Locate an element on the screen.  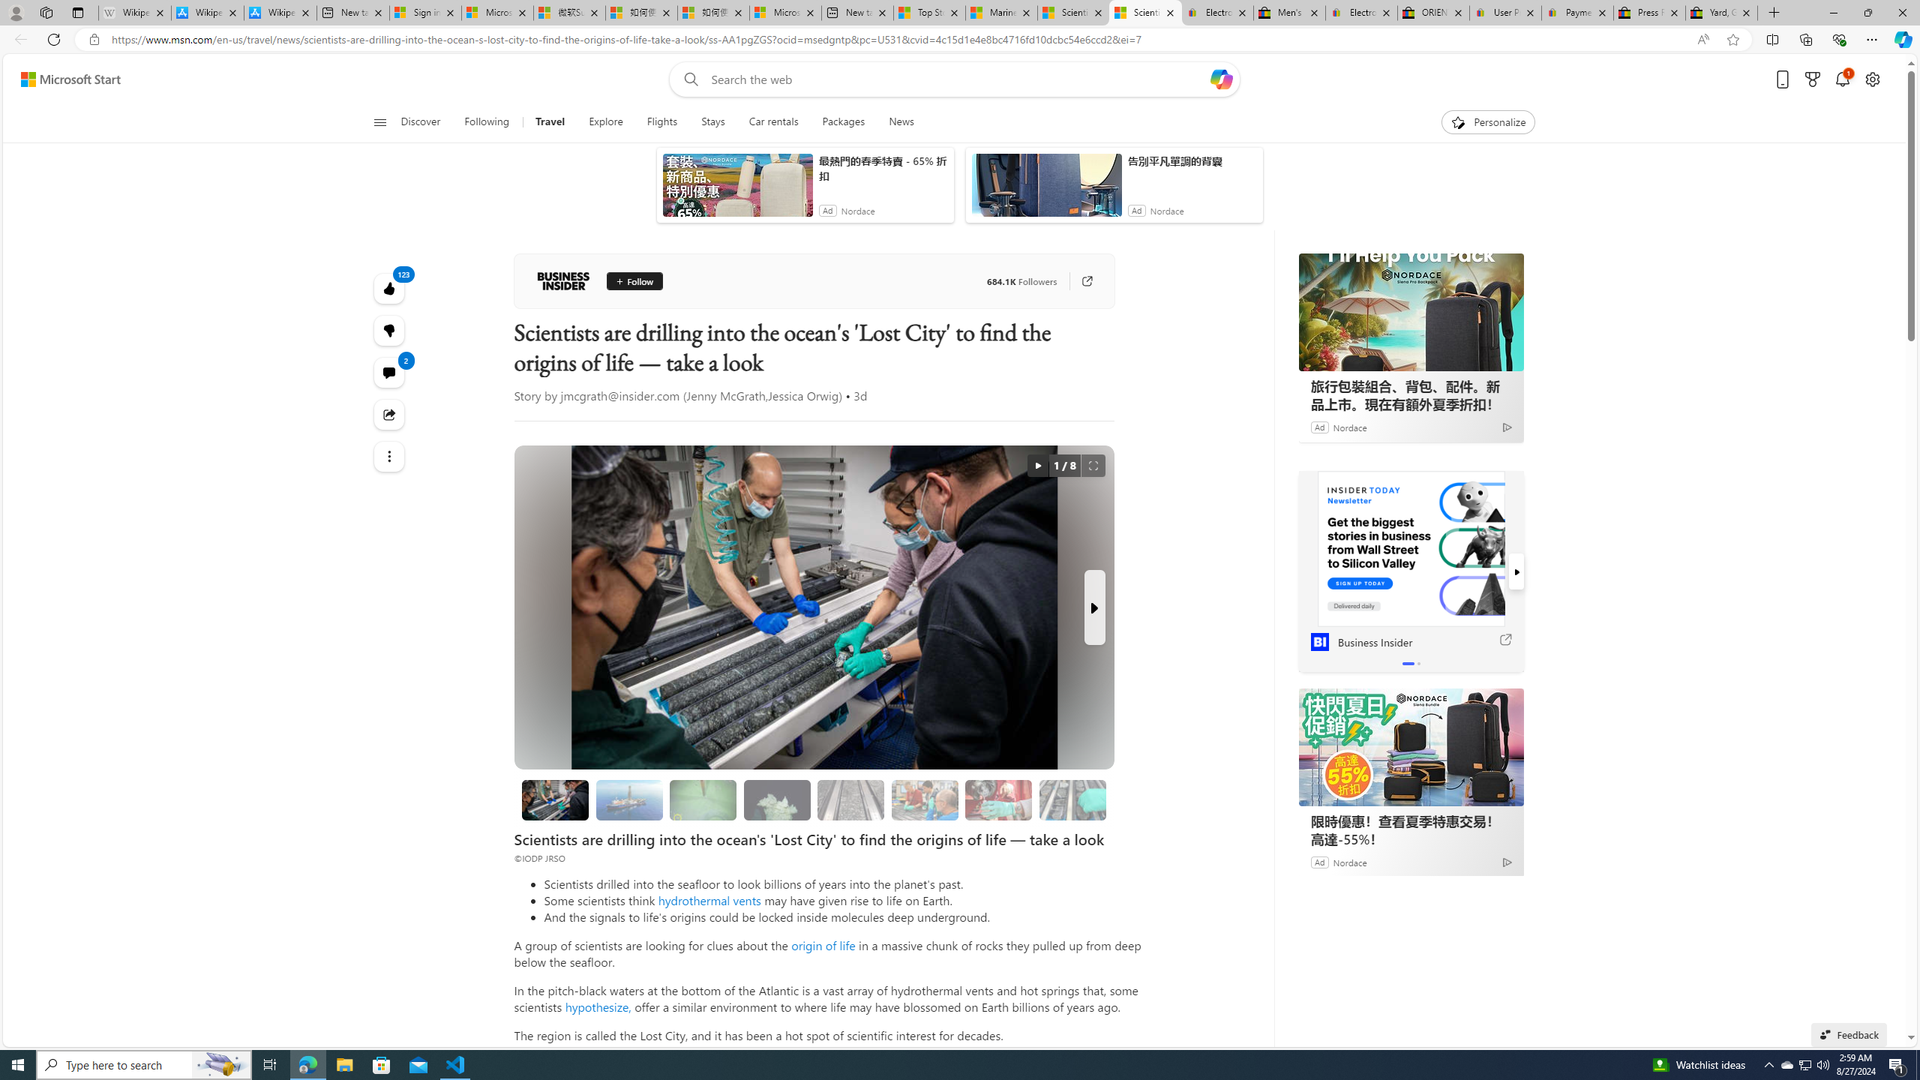
'Stays' is located at coordinates (712, 121).